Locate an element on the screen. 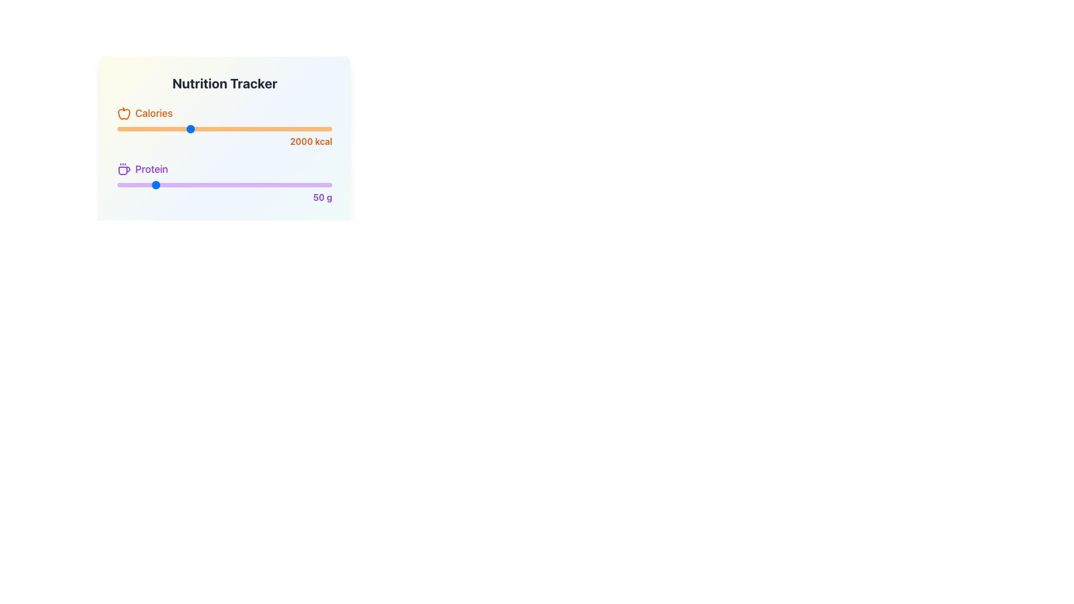  calorie intake is located at coordinates (154, 126).